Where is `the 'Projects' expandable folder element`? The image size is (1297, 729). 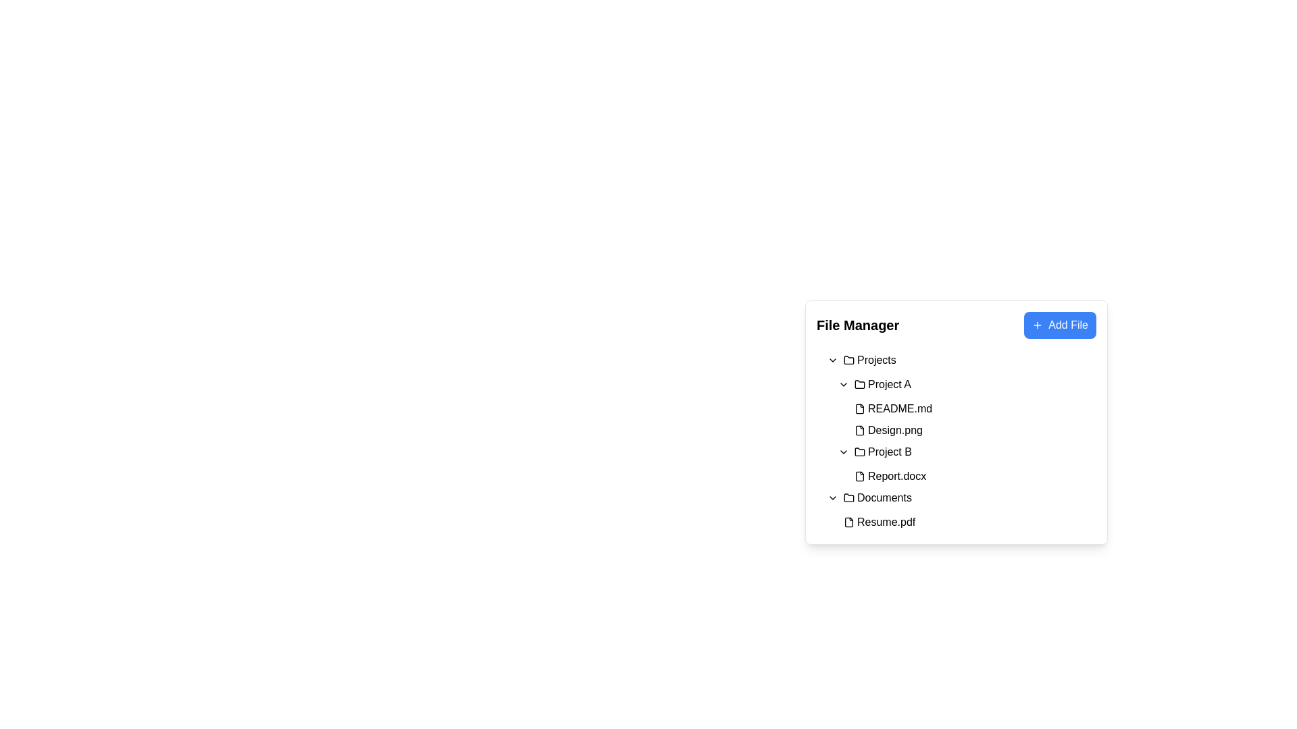
the 'Projects' expandable folder element is located at coordinates (961, 359).